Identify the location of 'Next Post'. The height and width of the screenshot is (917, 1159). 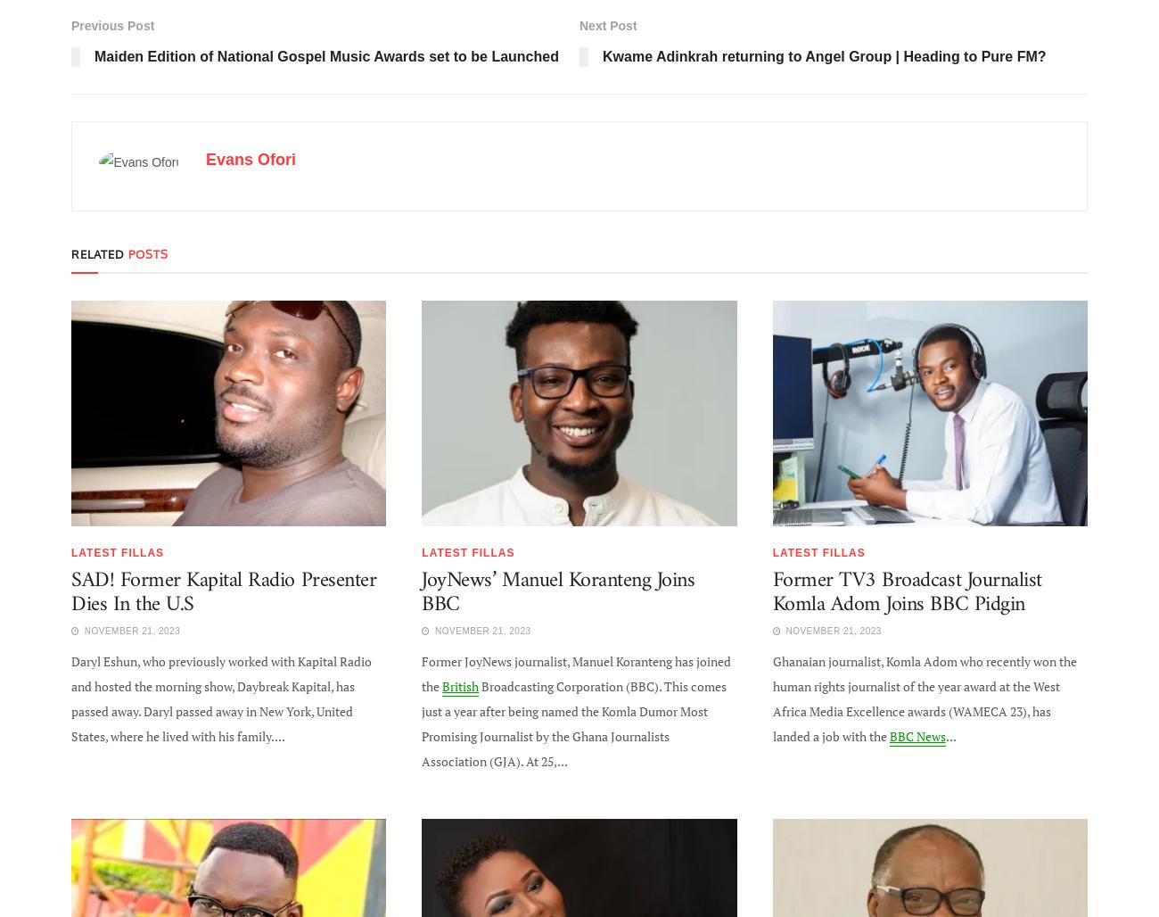
(606, 24).